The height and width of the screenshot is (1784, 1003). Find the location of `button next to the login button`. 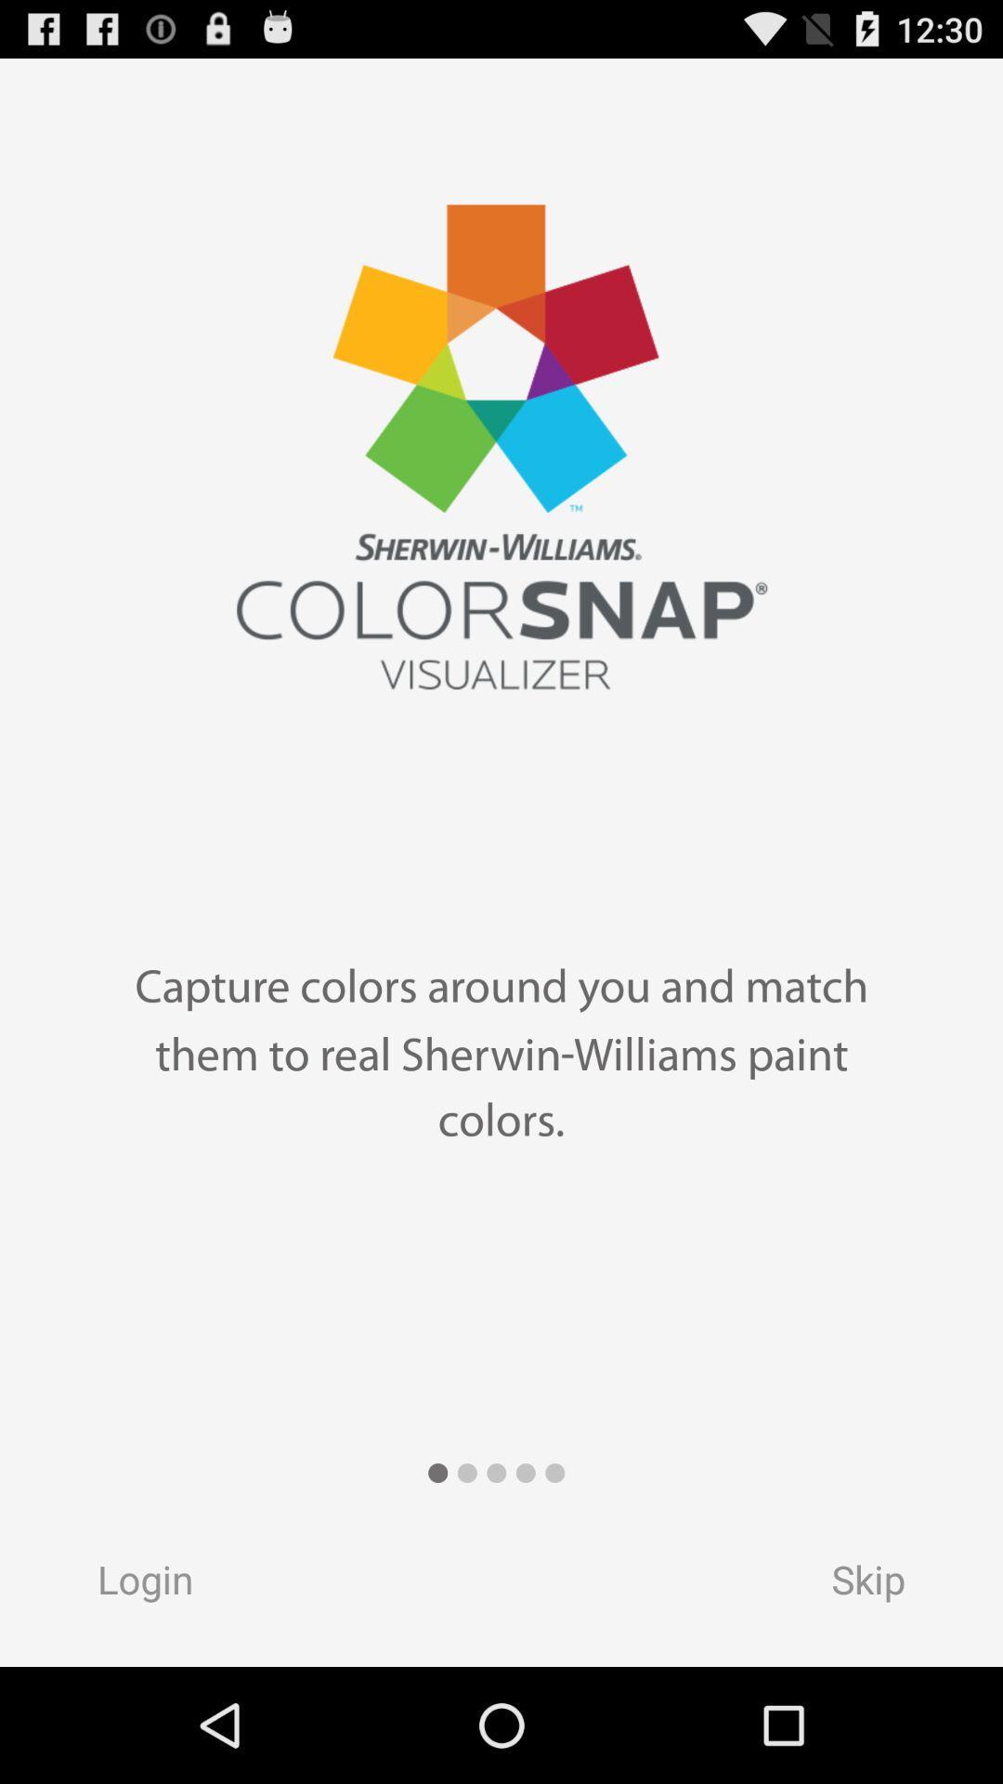

button next to the login button is located at coordinates (885, 1584).